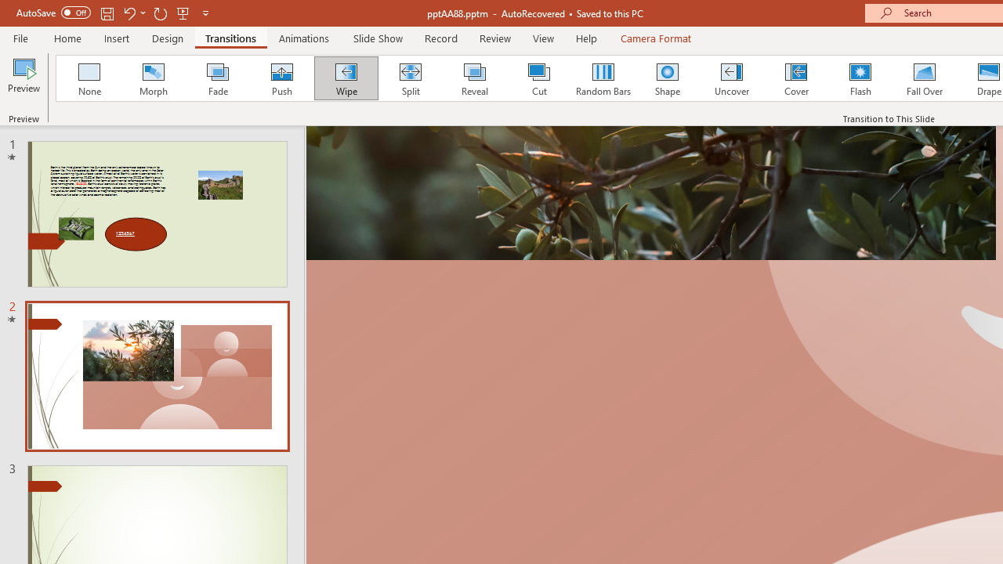 This screenshot has width=1003, height=564. What do you see at coordinates (133, 13) in the screenshot?
I see `'Undo'` at bounding box center [133, 13].